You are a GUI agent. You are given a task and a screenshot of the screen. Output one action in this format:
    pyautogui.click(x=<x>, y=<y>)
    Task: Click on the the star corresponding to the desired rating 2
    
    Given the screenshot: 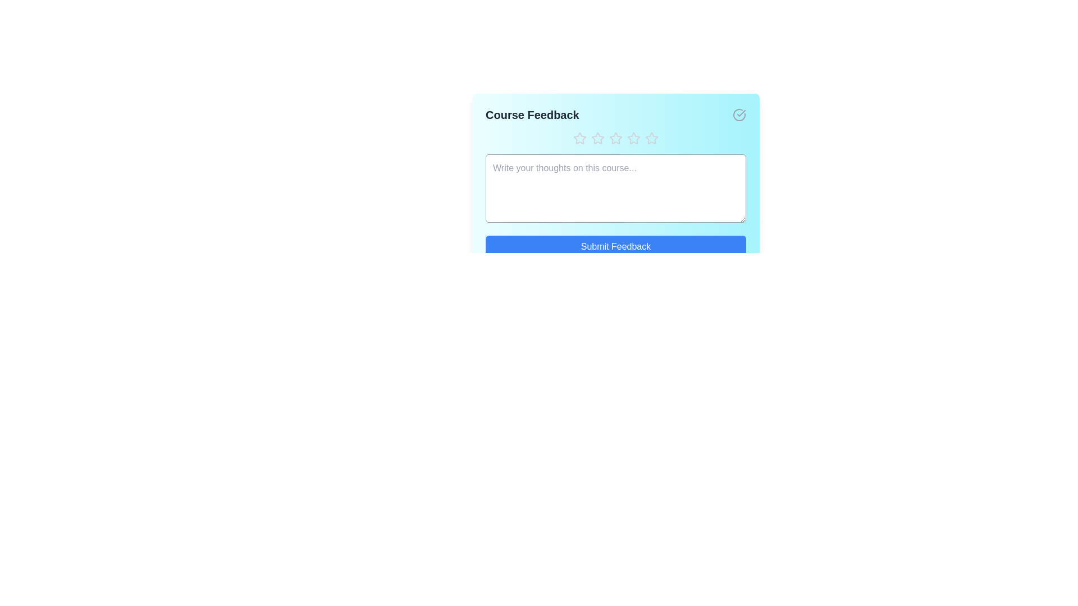 What is the action you would take?
    pyautogui.click(x=597, y=137)
    